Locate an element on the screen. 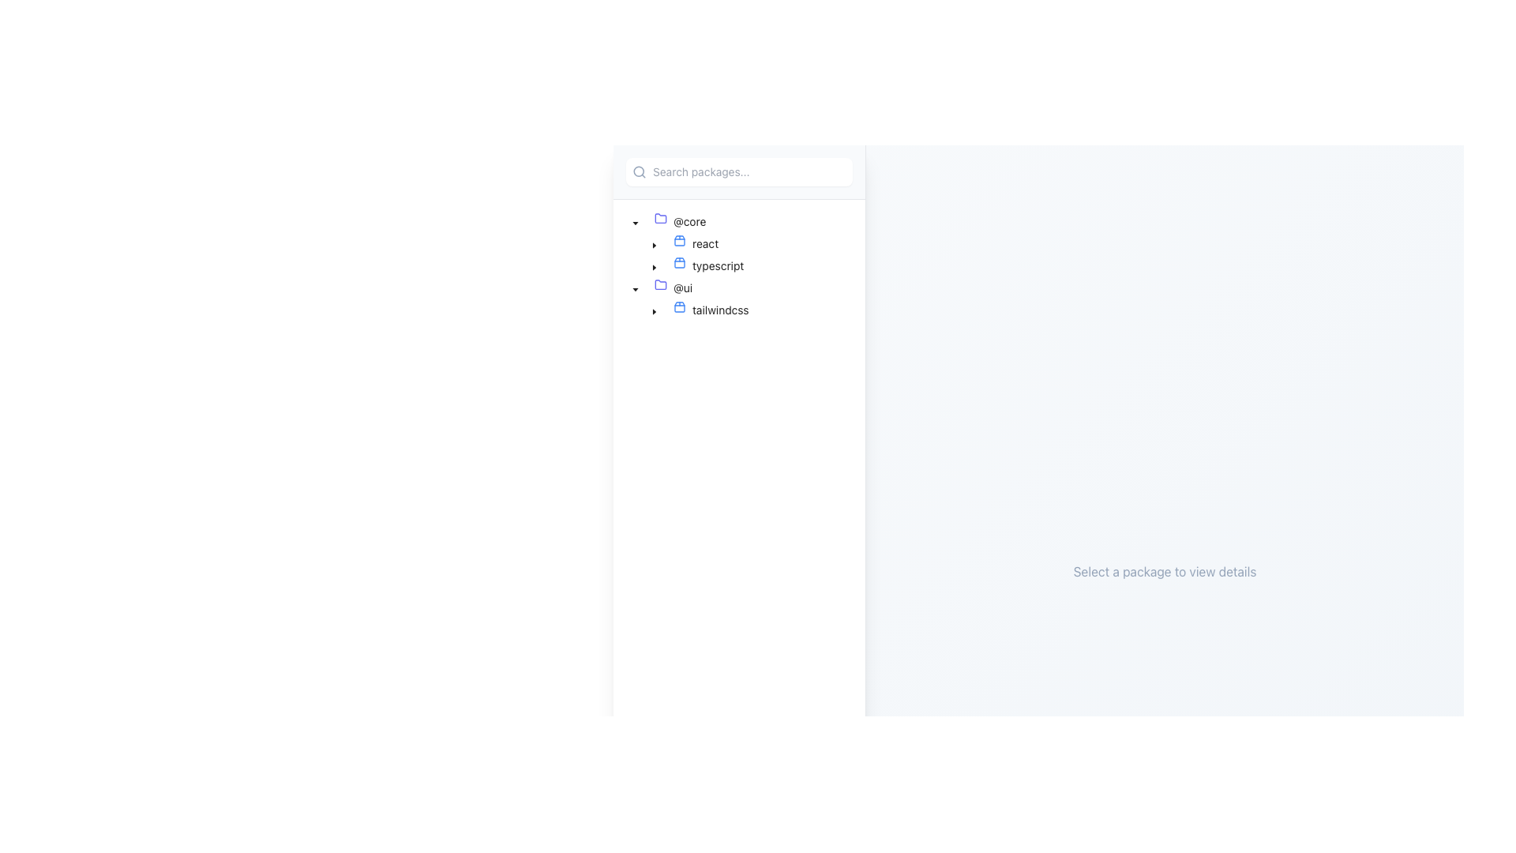 This screenshot has height=853, width=1516. the tree node labeled '@ui', which is indicated by an open folder icon and a down-pointing caret is located at coordinates (662, 288).